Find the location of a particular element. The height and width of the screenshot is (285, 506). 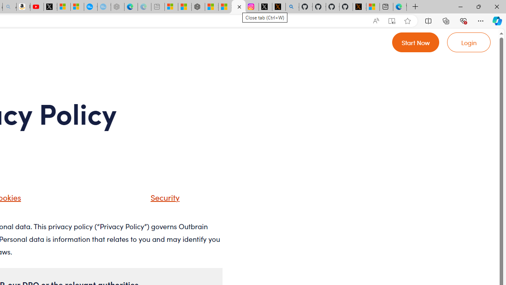

'Go to login' is located at coordinates (469, 42).